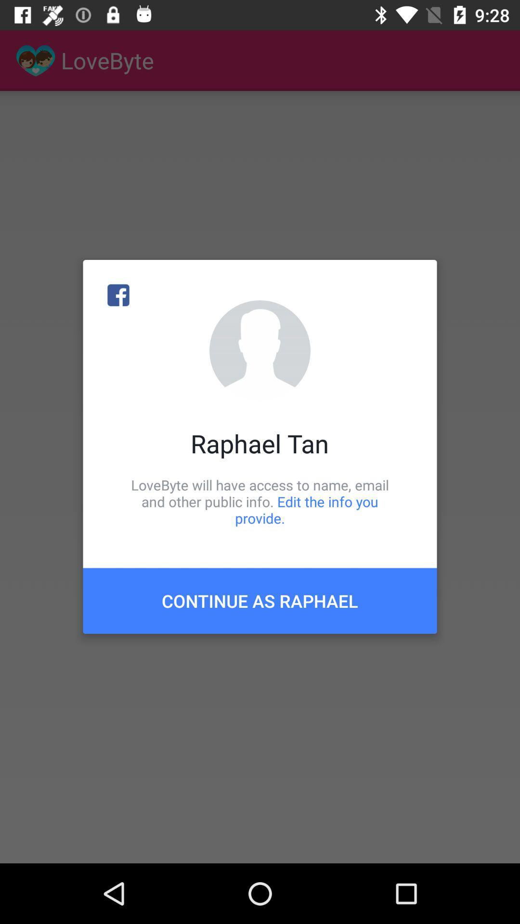 Image resolution: width=520 pixels, height=924 pixels. Describe the element at coordinates (260, 600) in the screenshot. I see `the continue as raphael item` at that location.